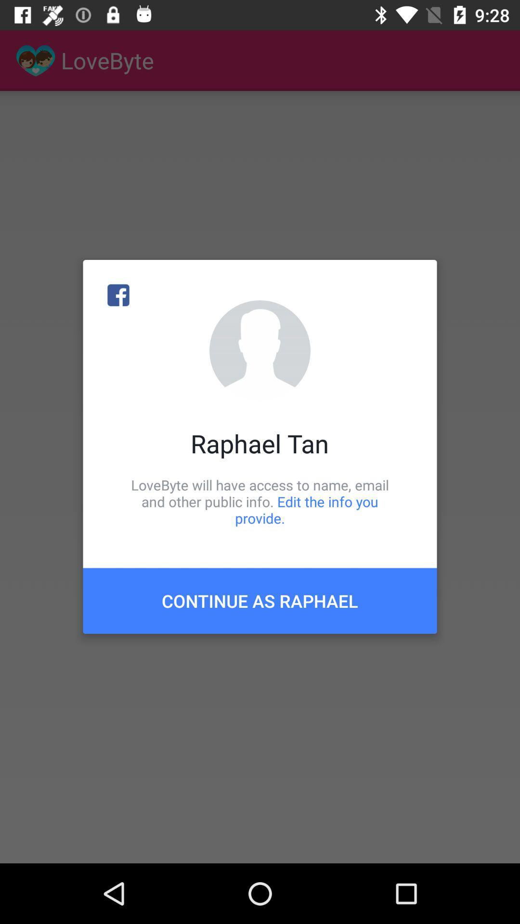 Image resolution: width=520 pixels, height=924 pixels. Describe the element at coordinates (260, 600) in the screenshot. I see `the continue as raphael item` at that location.